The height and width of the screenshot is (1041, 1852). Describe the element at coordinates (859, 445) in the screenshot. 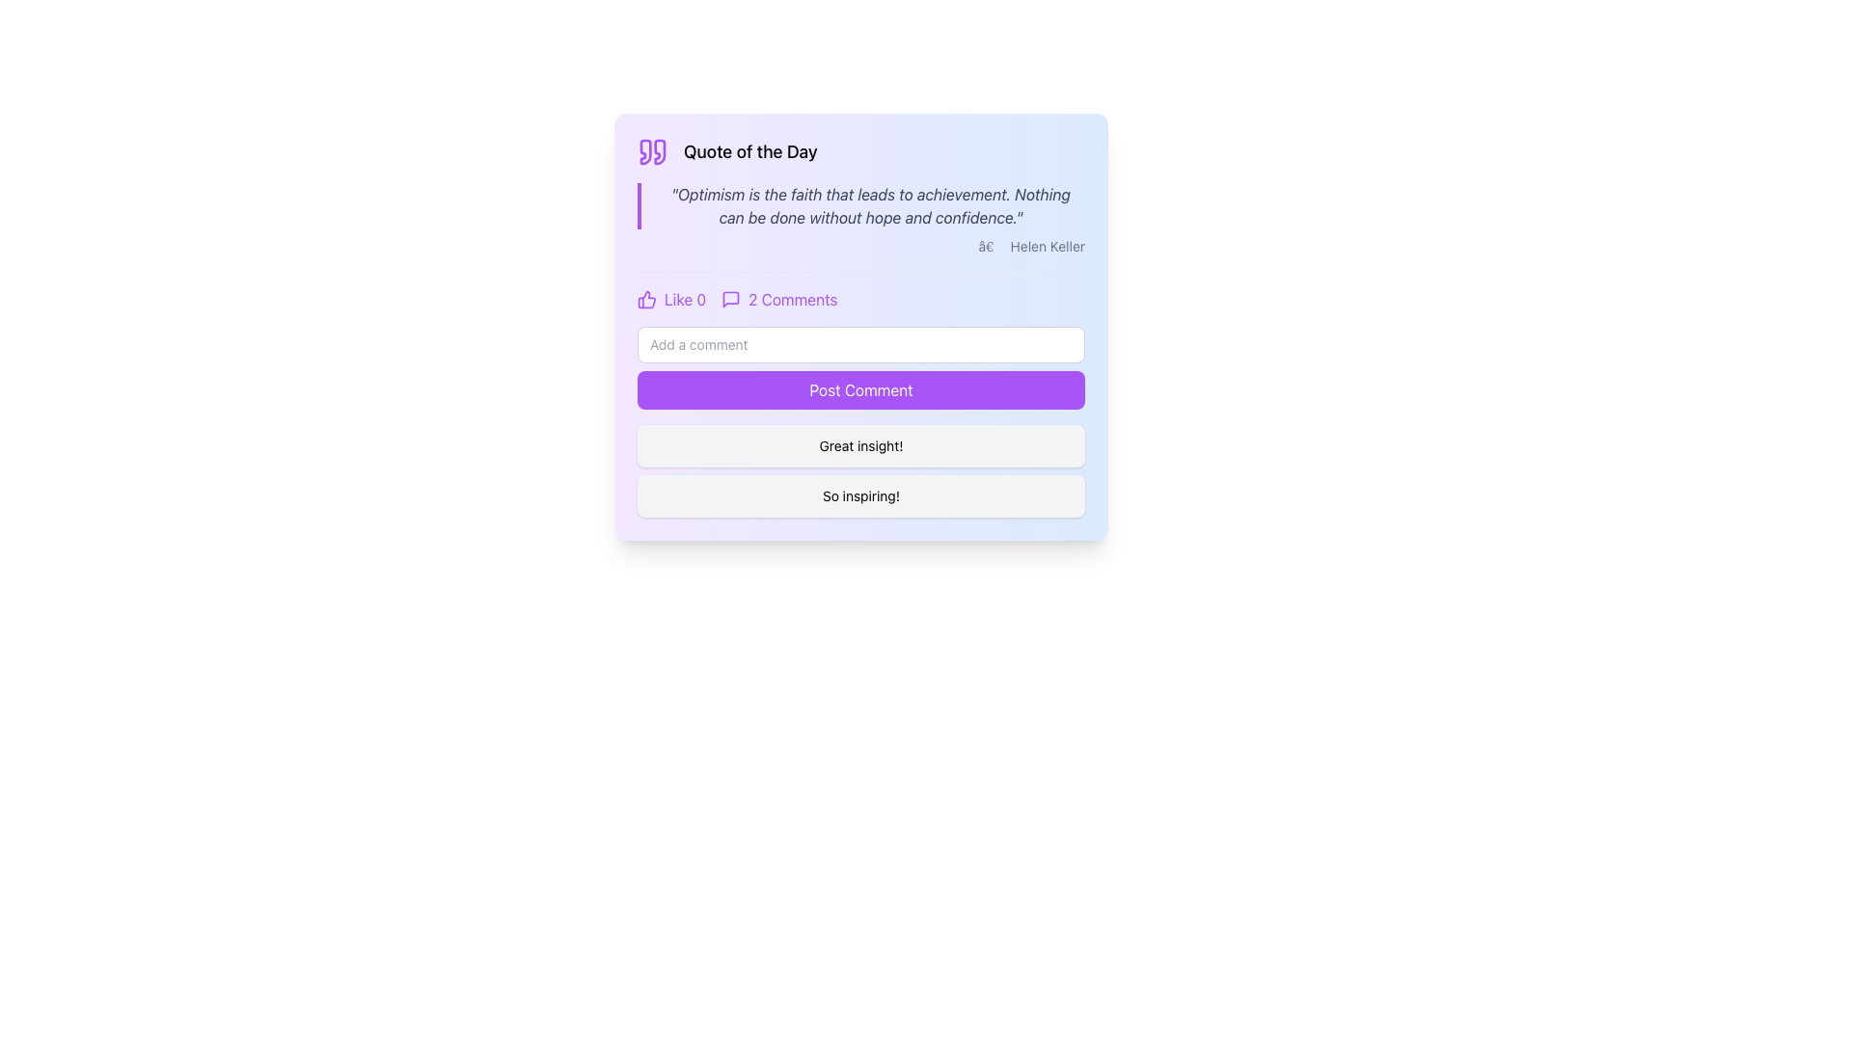

I see `the Text Display Box containing the message 'Great insight!' displayed in a small black font on a light gray background` at that location.